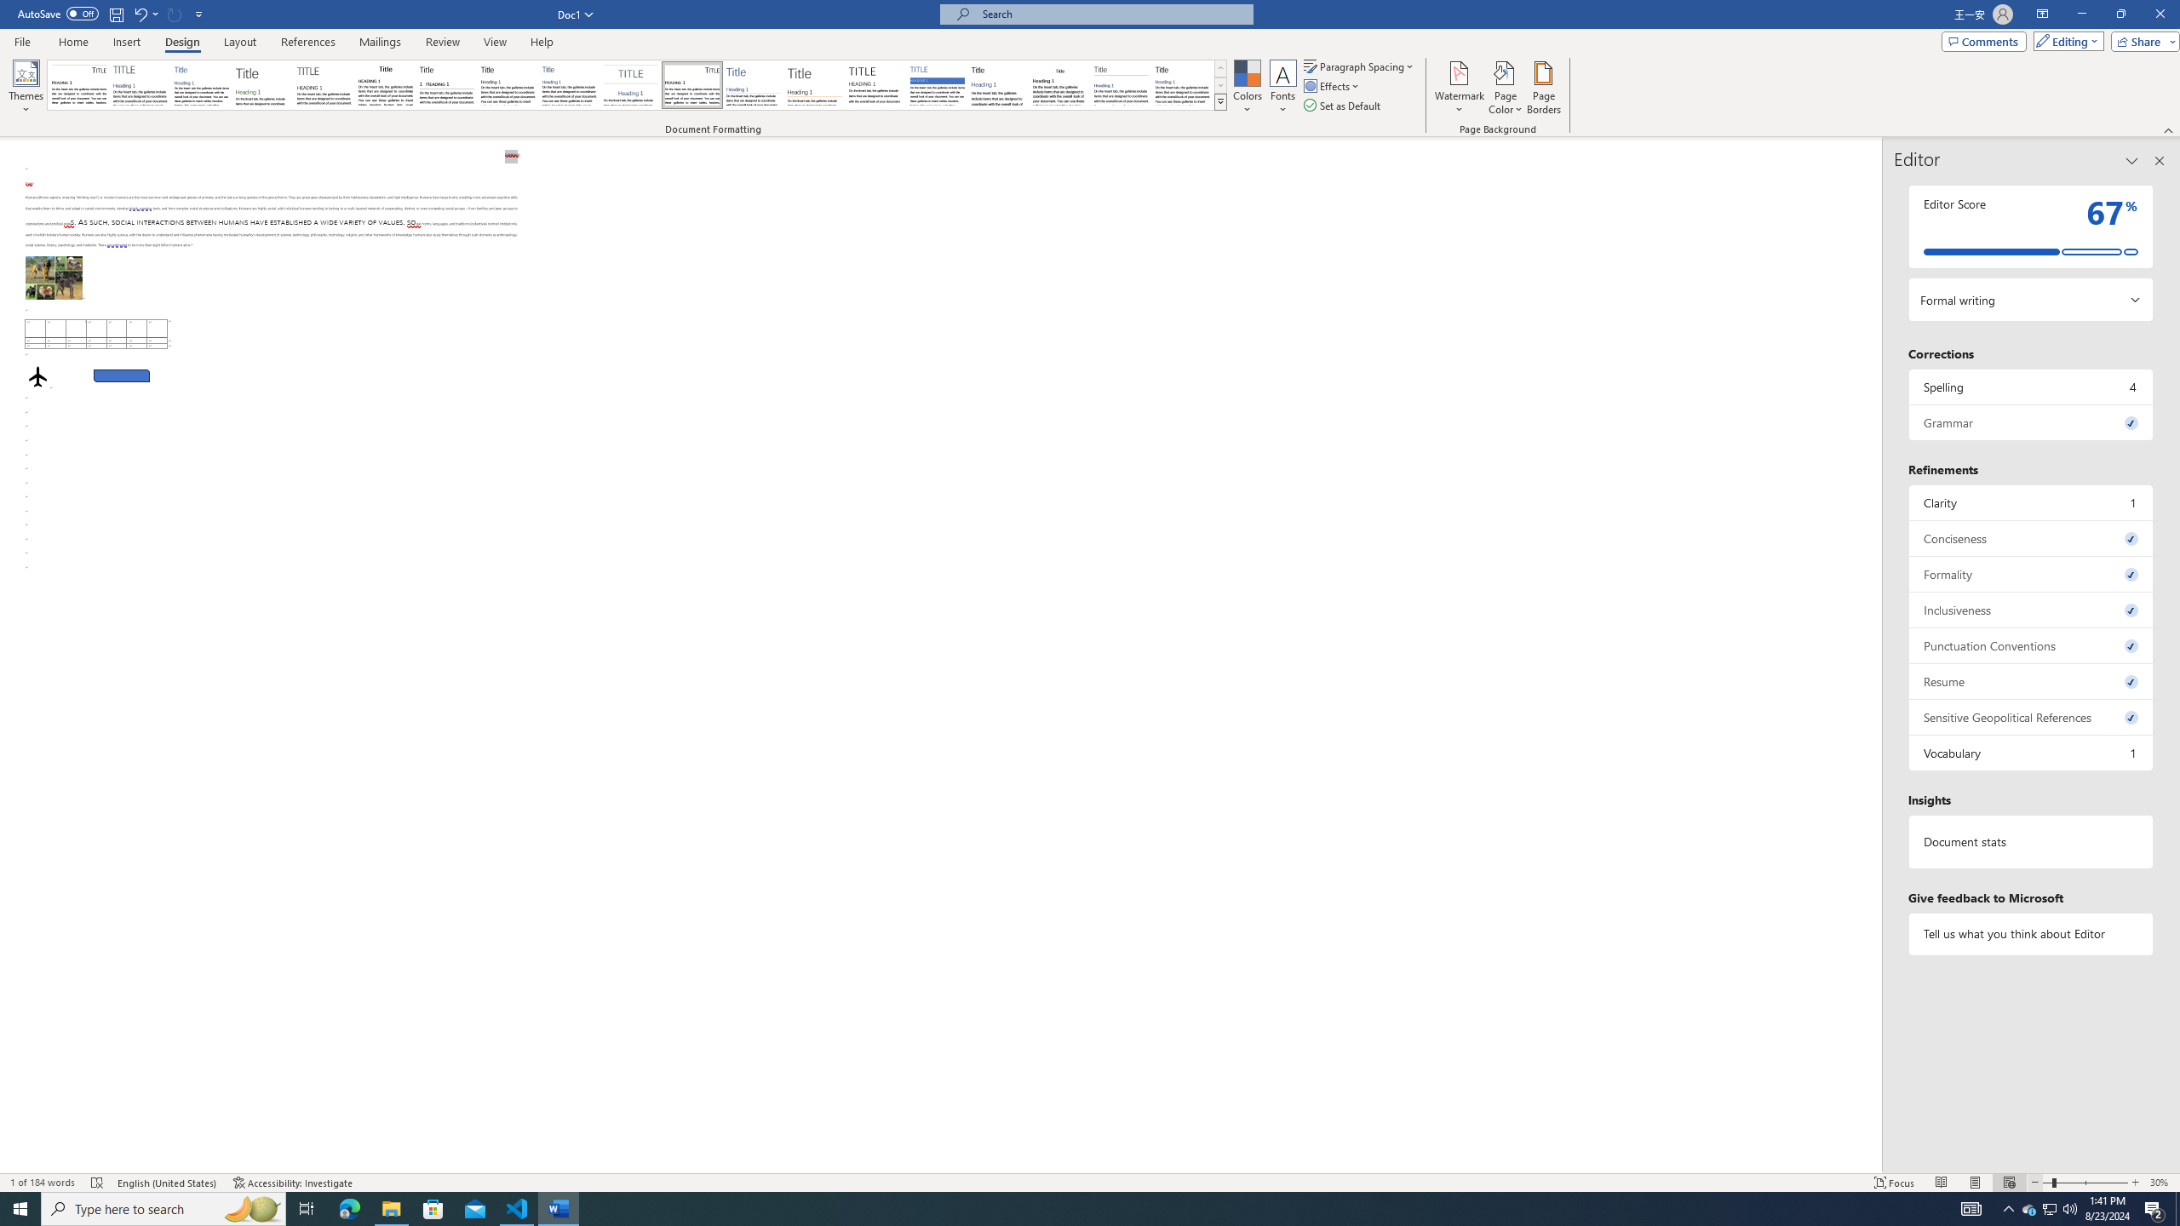  Describe the element at coordinates (2030, 421) in the screenshot. I see `'Grammar, 0 issues. Press space or enter to review items.'` at that location.